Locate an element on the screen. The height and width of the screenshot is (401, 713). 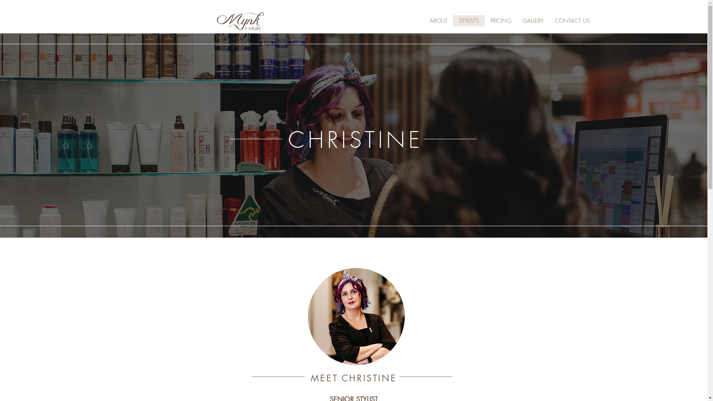
'ABOUT' is located at coordinates (438, 20).